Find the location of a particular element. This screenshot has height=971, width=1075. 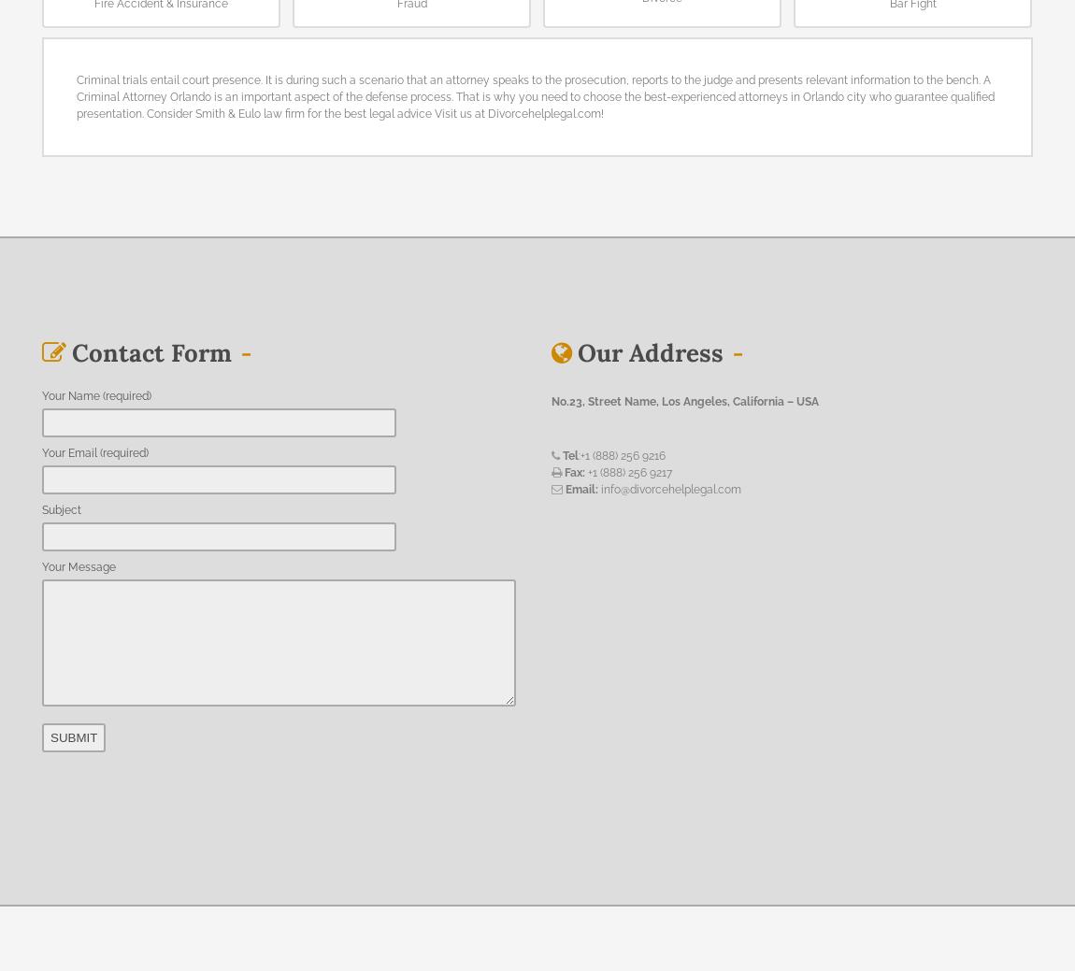

'info@divorcehelplegal.com' is located at coordinates (668, 489).